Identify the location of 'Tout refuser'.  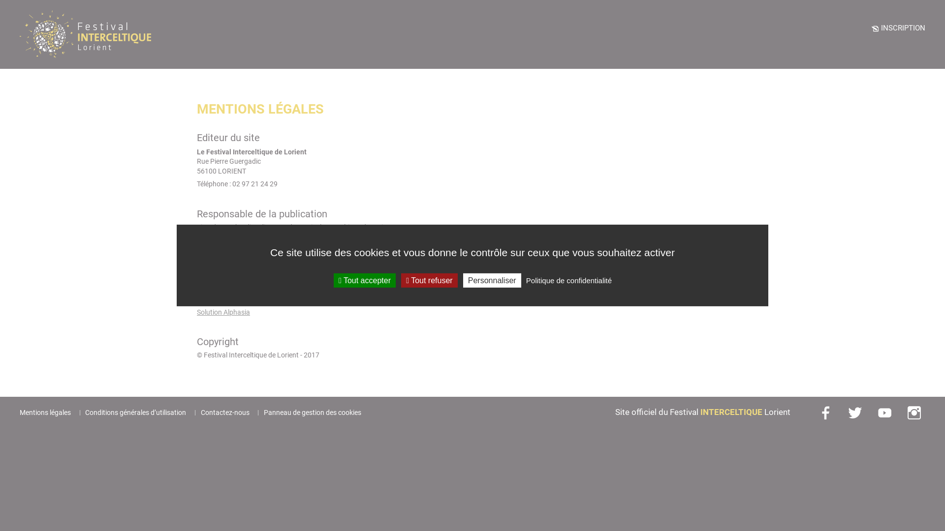
(401, 280).